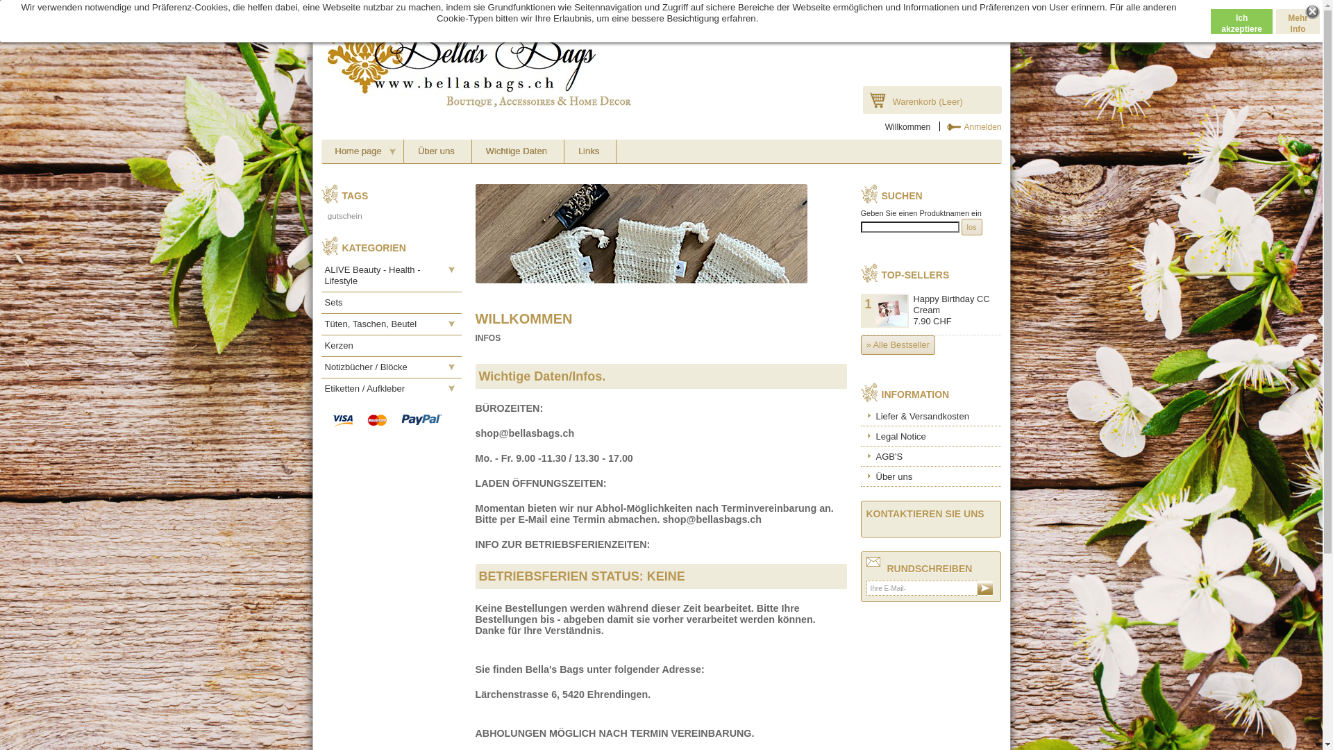  What do you see at coordinates (319, 388) in the screenshot?
I see `'Etiketten / Aufkleber'` at bounding box center [319, 388].